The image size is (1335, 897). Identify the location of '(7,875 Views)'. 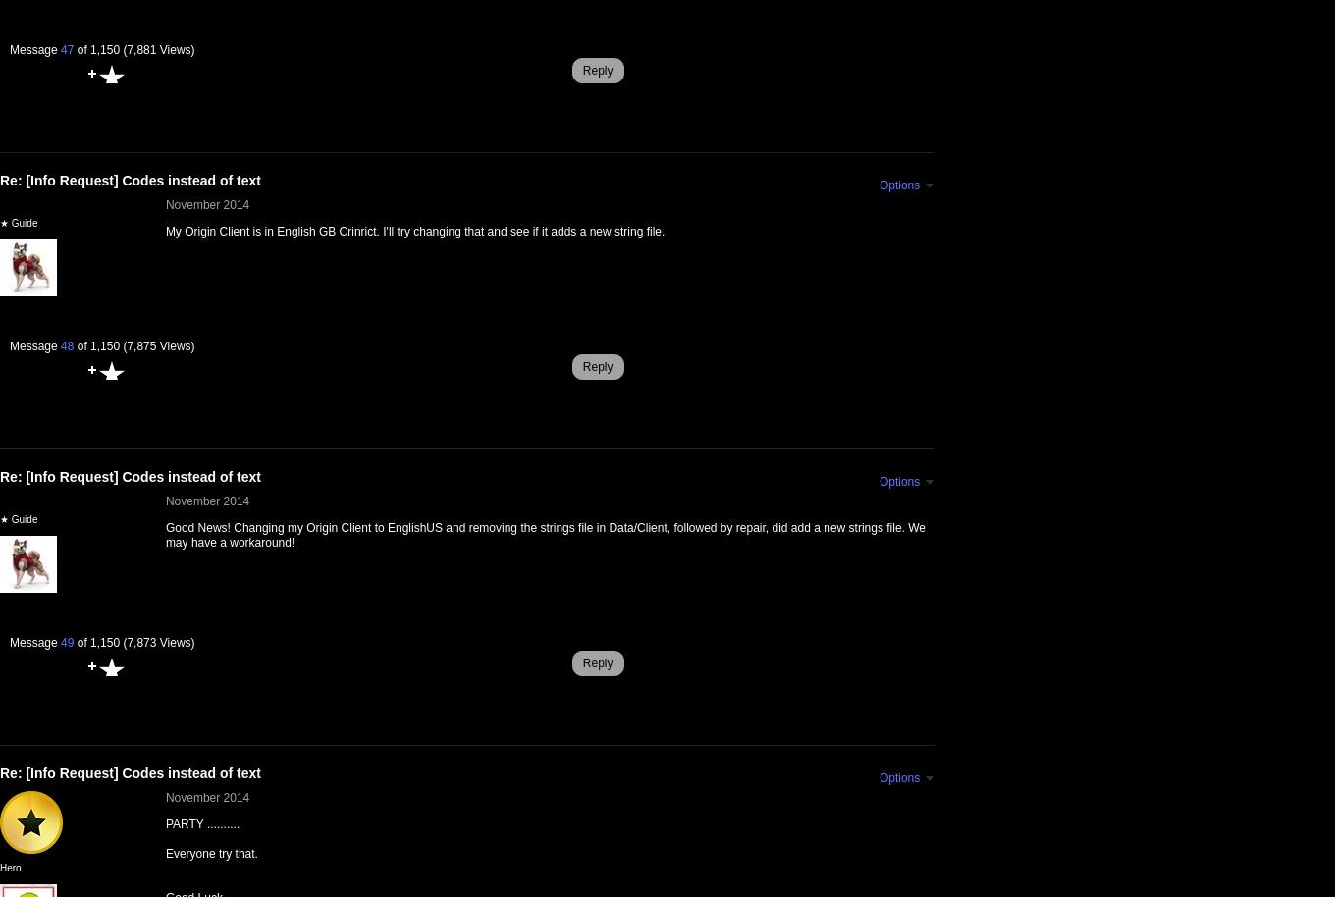
(122, 344).